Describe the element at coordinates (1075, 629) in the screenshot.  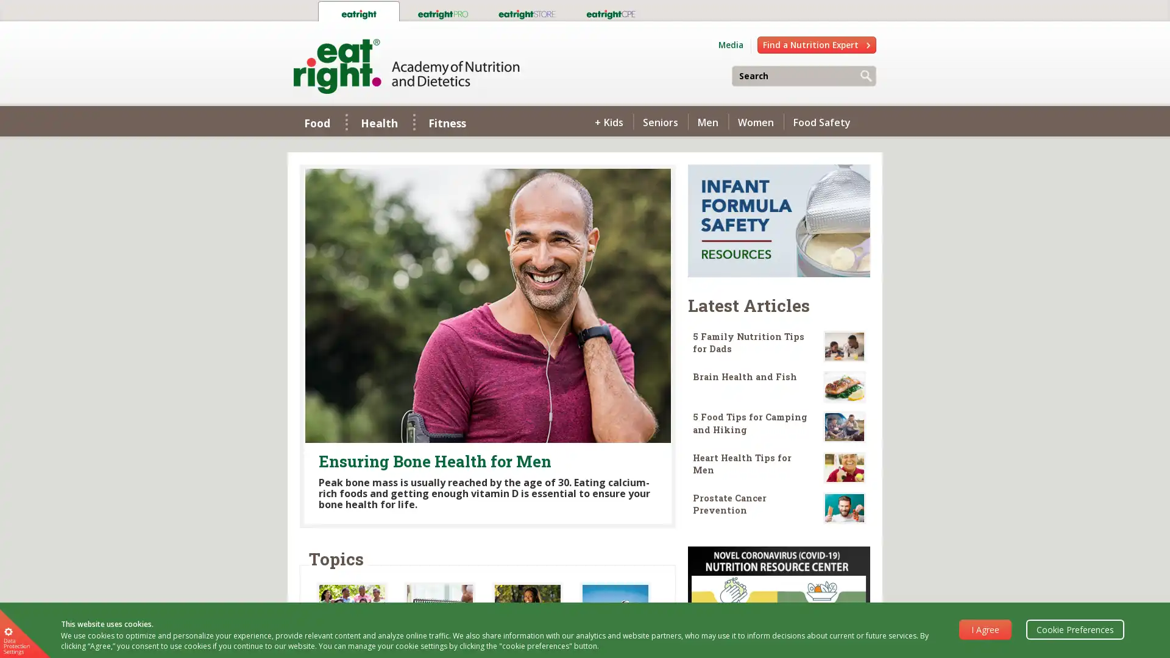
I see `Cookie Preferences` at that location.